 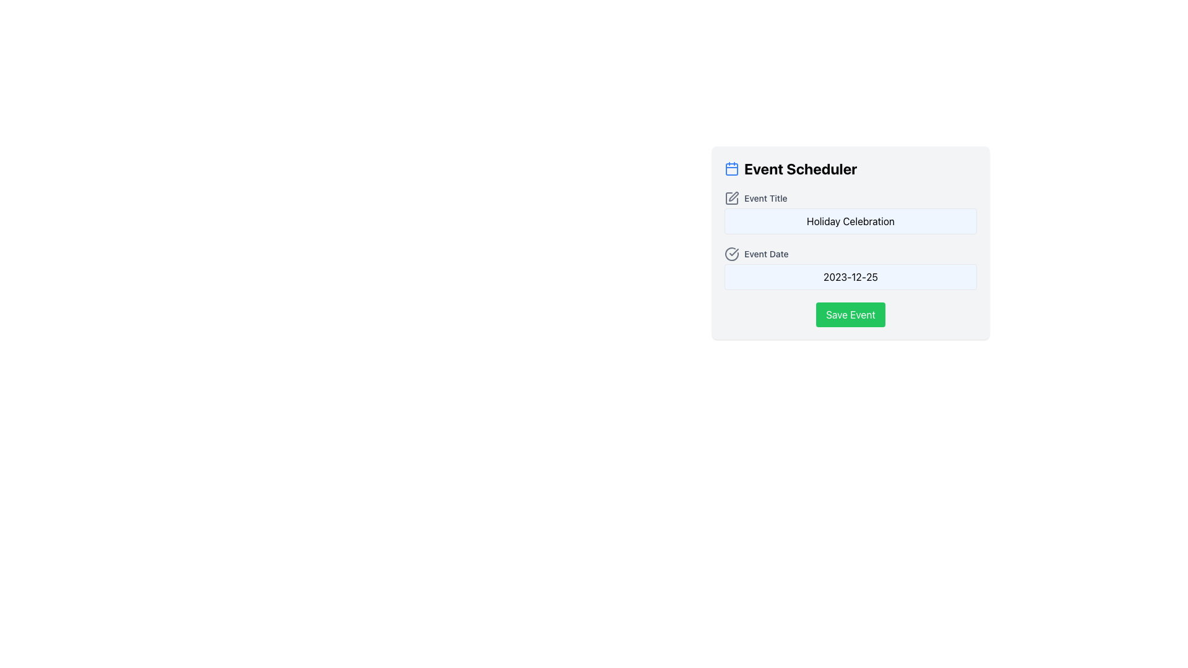 What do you see at coordinates (850, 221) in the screenshot?
I see `the display or label field that represents the event title within the 'Event Scheduler', located directly below the 'Event Title' label` at bounding box center [850, 221].